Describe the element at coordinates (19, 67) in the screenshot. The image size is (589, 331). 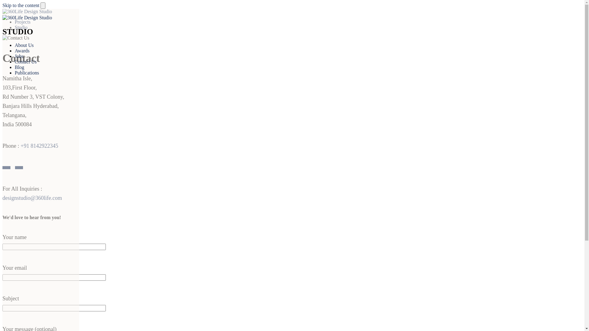
I see `'Blog'` at that location.